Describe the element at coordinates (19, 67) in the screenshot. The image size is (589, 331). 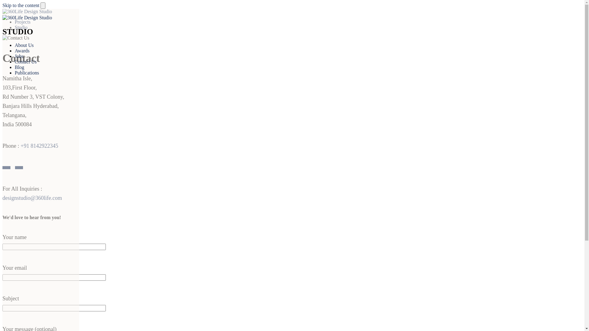
I see `'Blog'` at that location.